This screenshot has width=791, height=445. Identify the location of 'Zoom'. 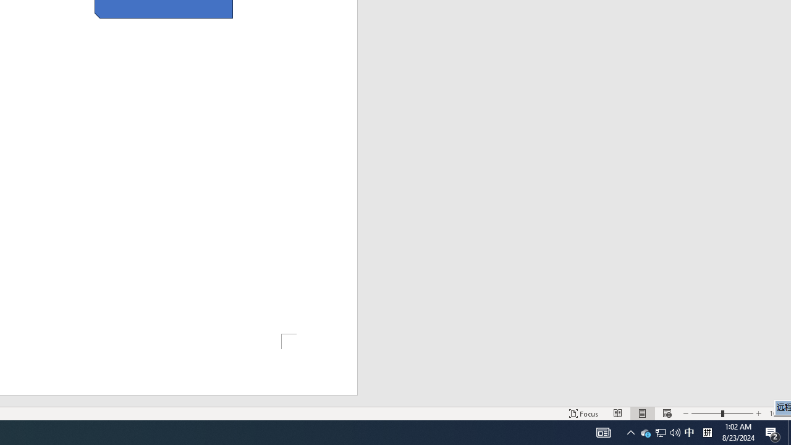
(722, 413).